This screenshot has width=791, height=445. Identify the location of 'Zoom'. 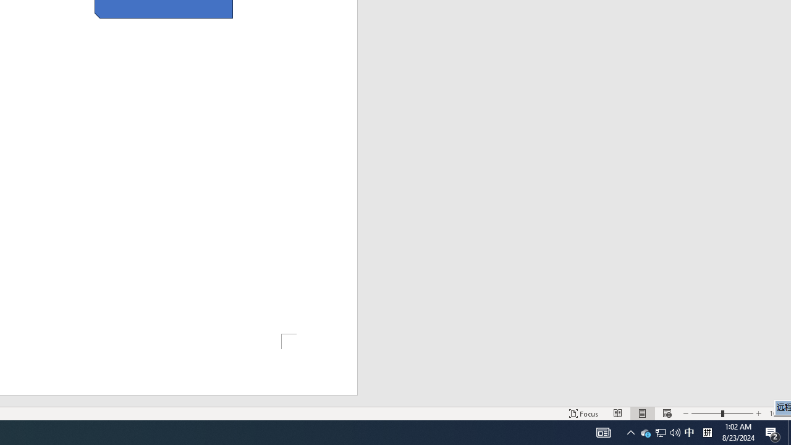
(722, 413).